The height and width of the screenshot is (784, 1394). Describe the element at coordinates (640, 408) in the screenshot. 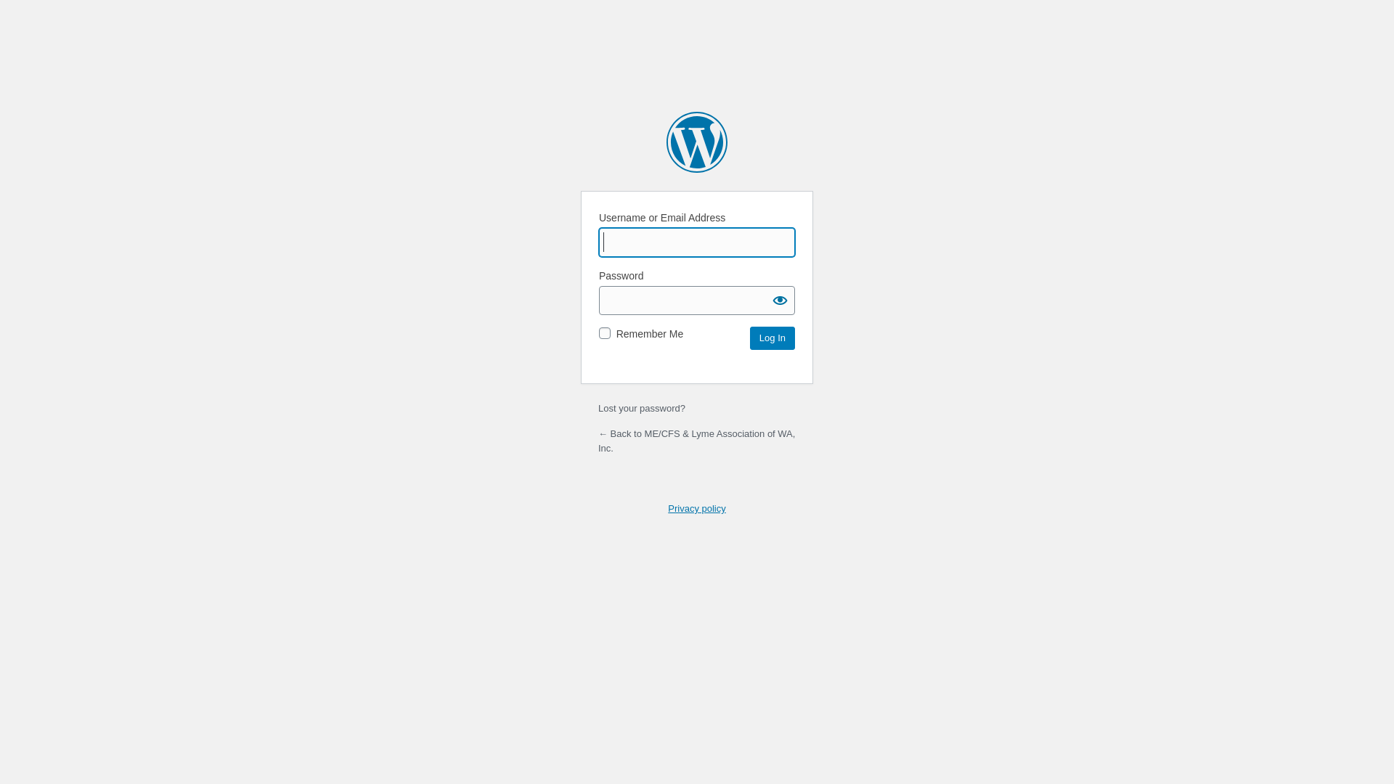

I see `'Lost your password?'` at that location.